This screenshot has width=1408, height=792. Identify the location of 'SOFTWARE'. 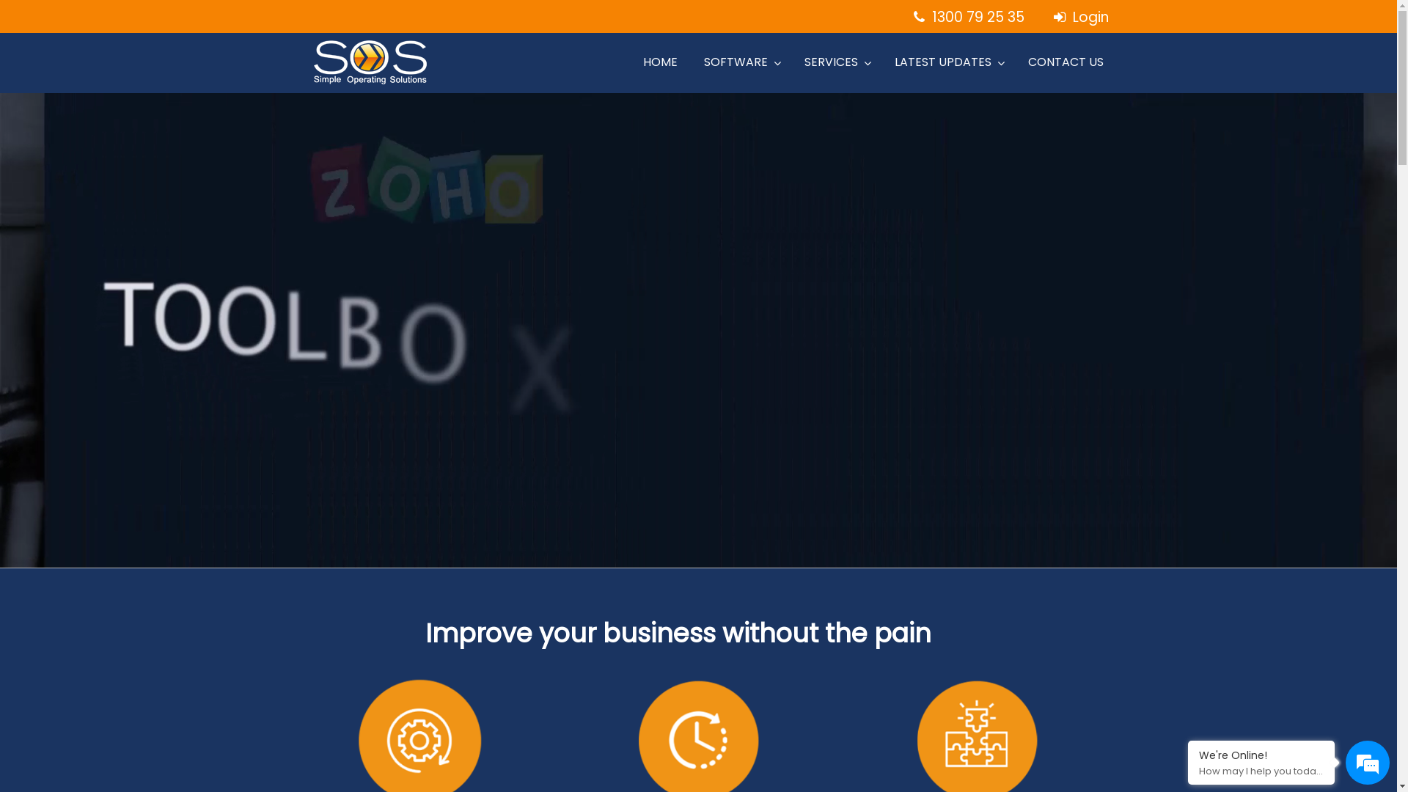
(741, 61).